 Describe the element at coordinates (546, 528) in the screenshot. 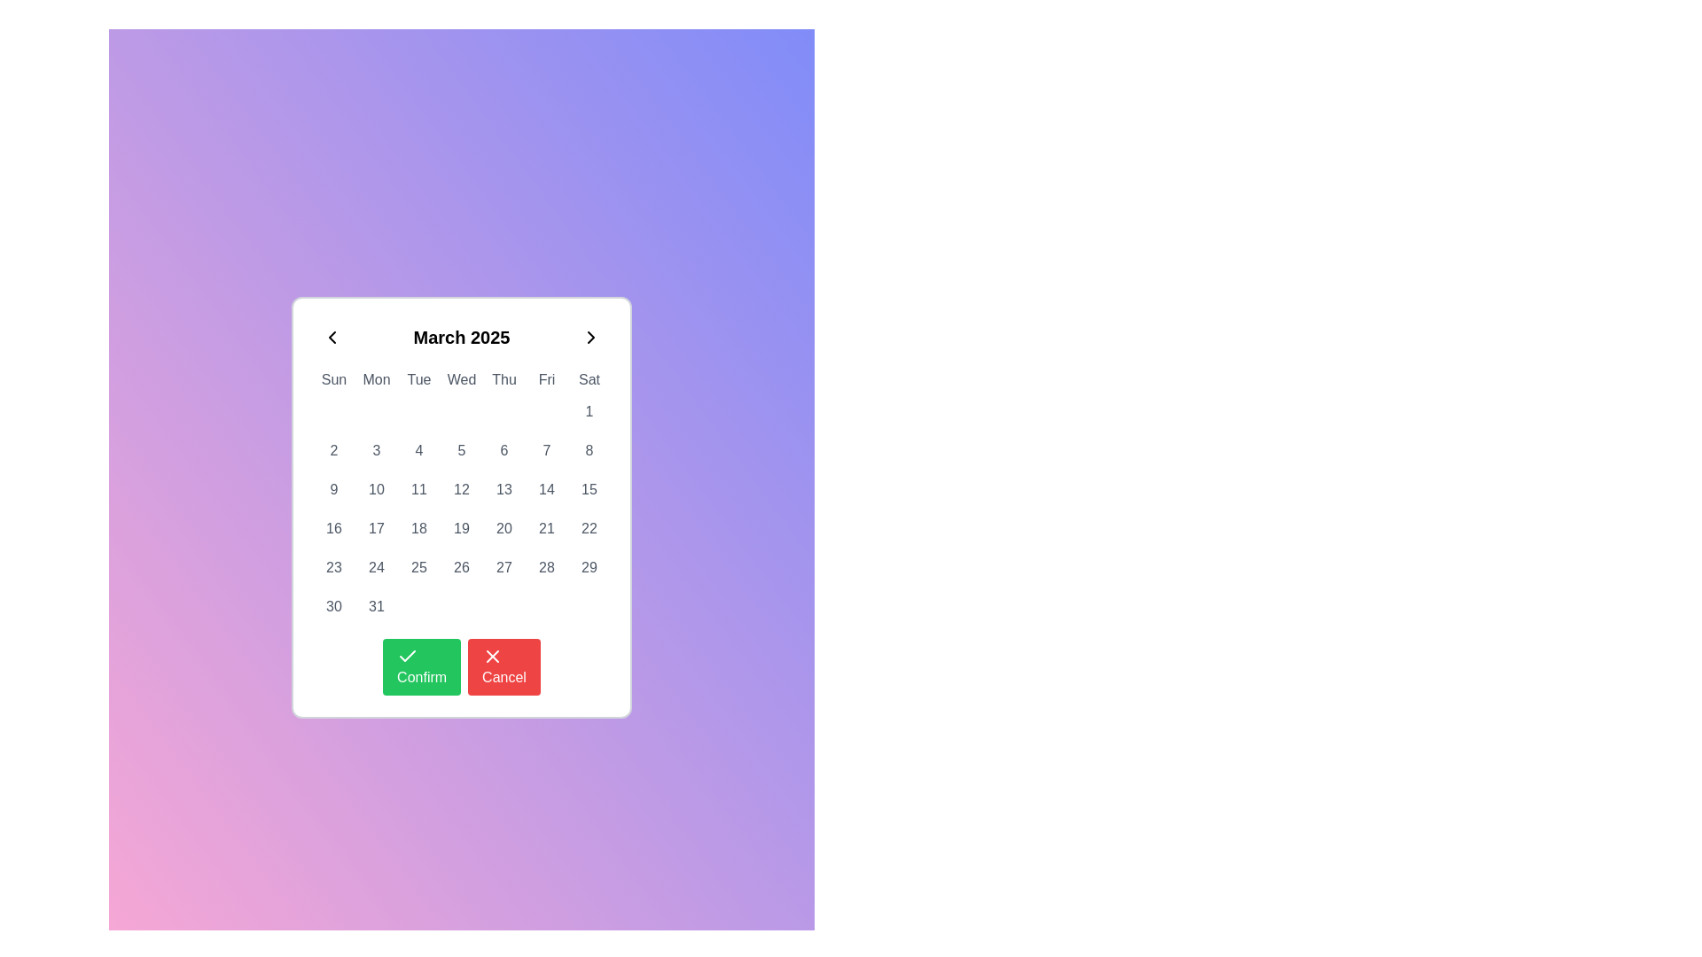

I see `the button representing the 21st day of the month in the calendar` at that location.